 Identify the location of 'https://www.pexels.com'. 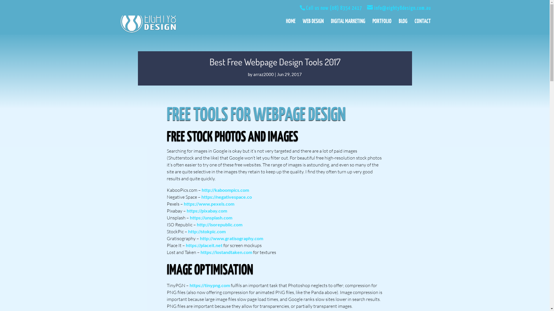
(208, 203).